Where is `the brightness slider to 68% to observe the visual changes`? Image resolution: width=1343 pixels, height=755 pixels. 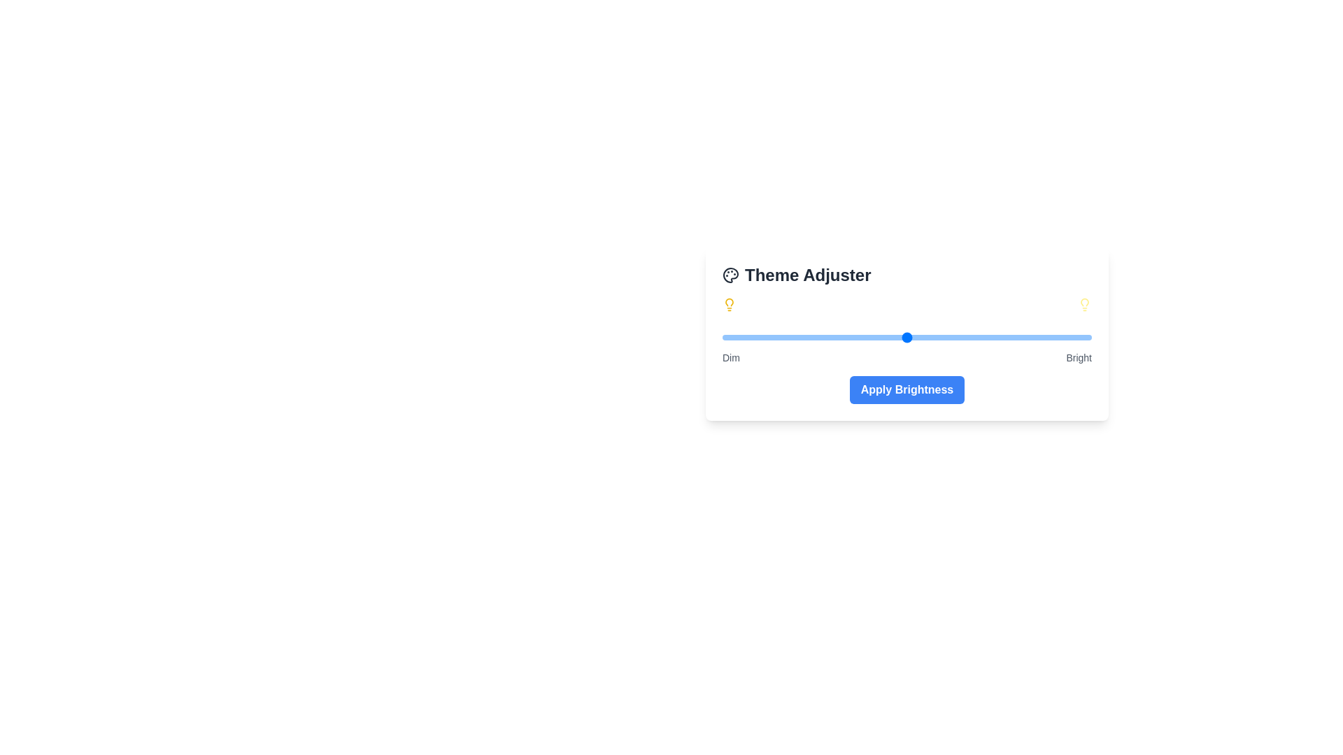
the brightness slider to 68% to observe the visual changes is located at coordinates (973, 337).